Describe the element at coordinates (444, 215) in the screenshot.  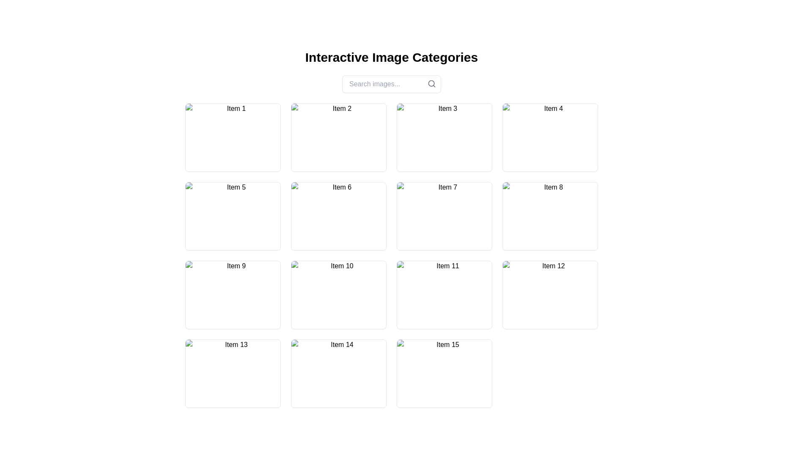
I see `the Item card labeled 'Item 7Nature' located in the second row, third column of the grid layout to interact` at that location.